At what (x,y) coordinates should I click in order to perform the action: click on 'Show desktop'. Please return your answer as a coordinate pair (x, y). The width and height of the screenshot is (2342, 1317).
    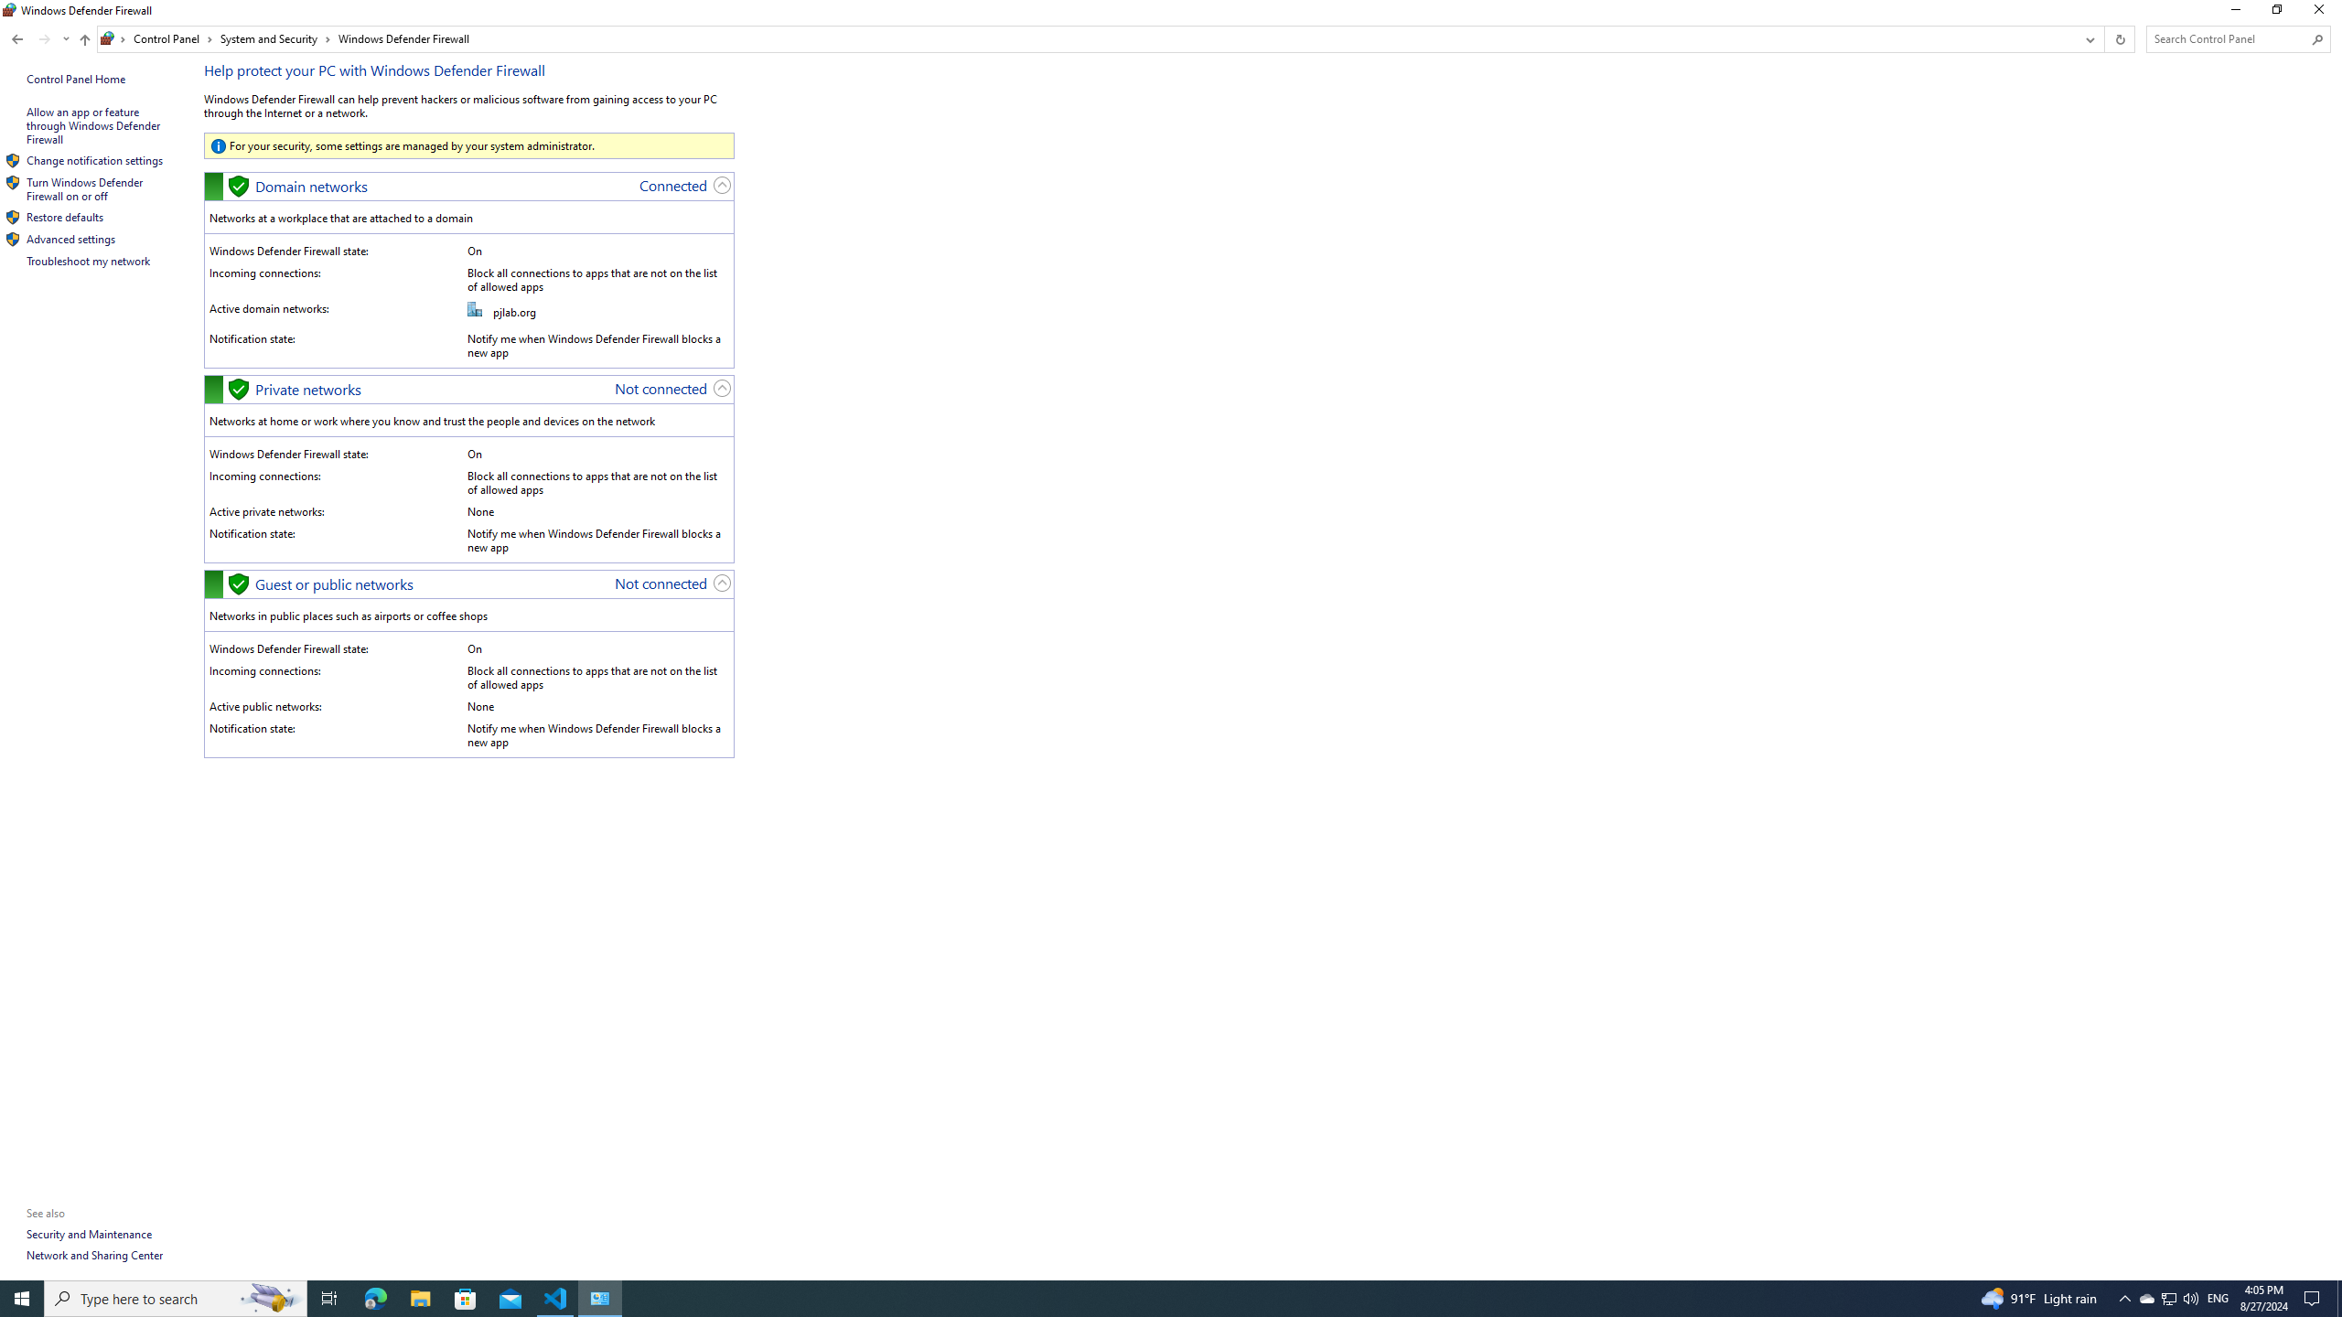
    Looking at the image, I should click on (2338, 1297).